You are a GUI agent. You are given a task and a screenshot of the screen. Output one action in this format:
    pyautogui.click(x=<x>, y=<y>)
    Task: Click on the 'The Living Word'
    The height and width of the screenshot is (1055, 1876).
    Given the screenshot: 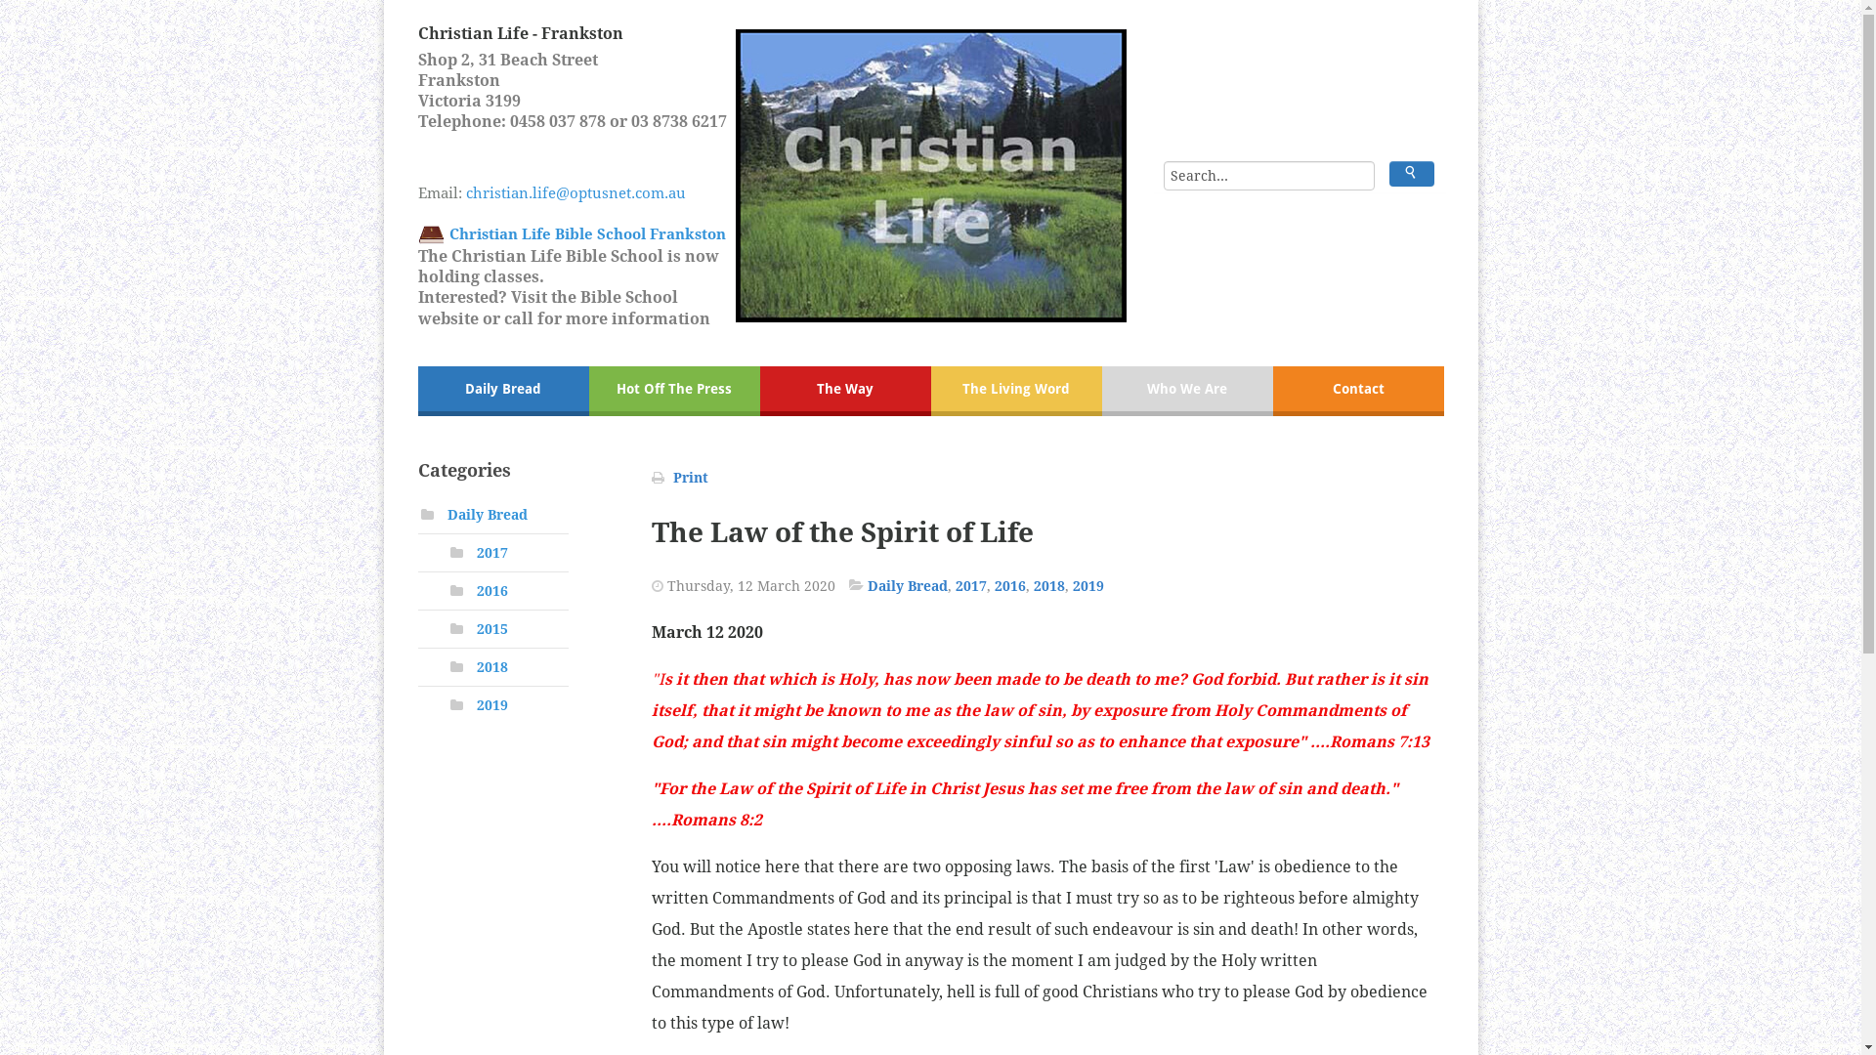 What is the action you would take?
    pyautogui.click(x=928, y=391)
    